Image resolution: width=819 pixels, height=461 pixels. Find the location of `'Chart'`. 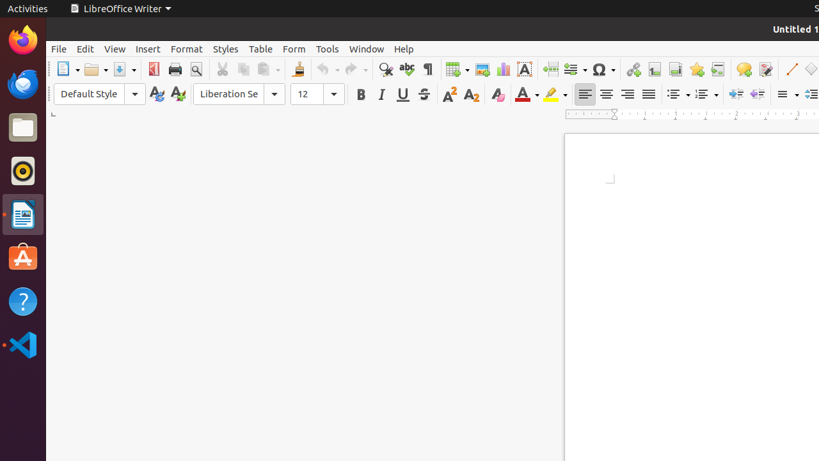

'Chart' is located at coordinates (502, 69).